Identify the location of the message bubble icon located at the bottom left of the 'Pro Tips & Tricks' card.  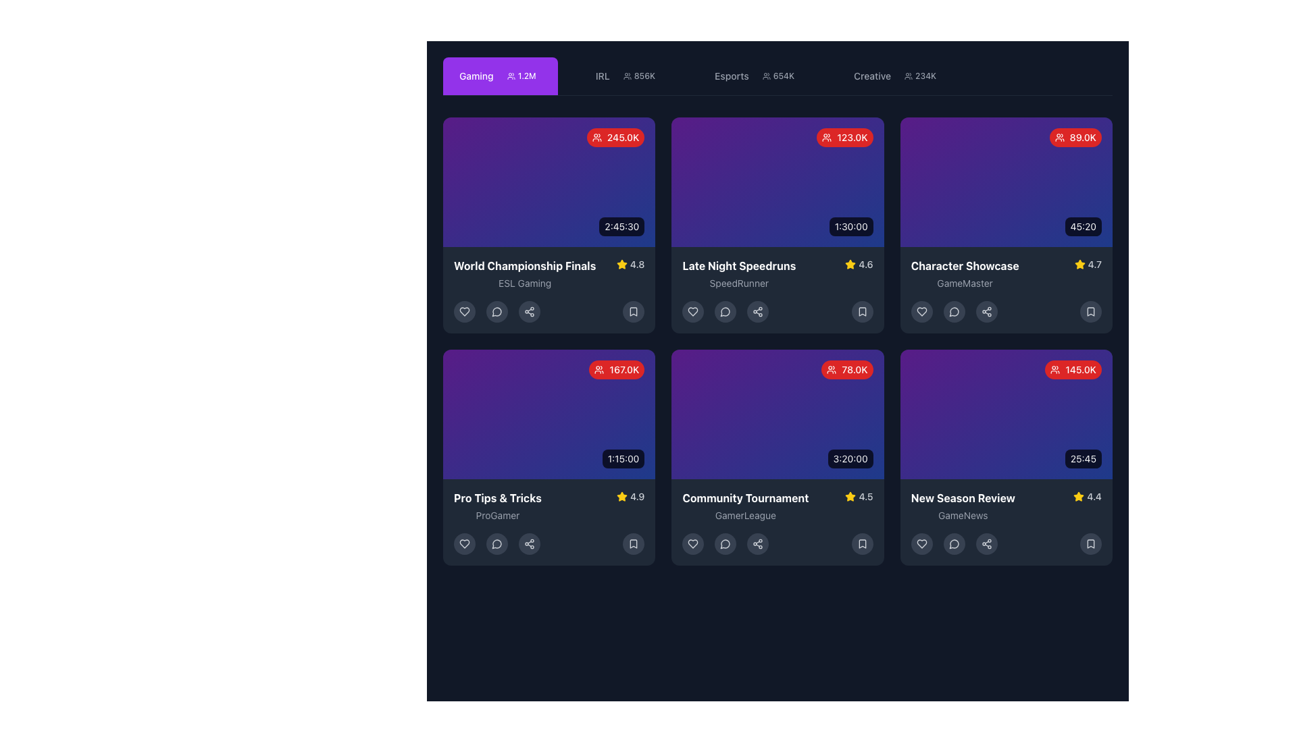
(496, 543).